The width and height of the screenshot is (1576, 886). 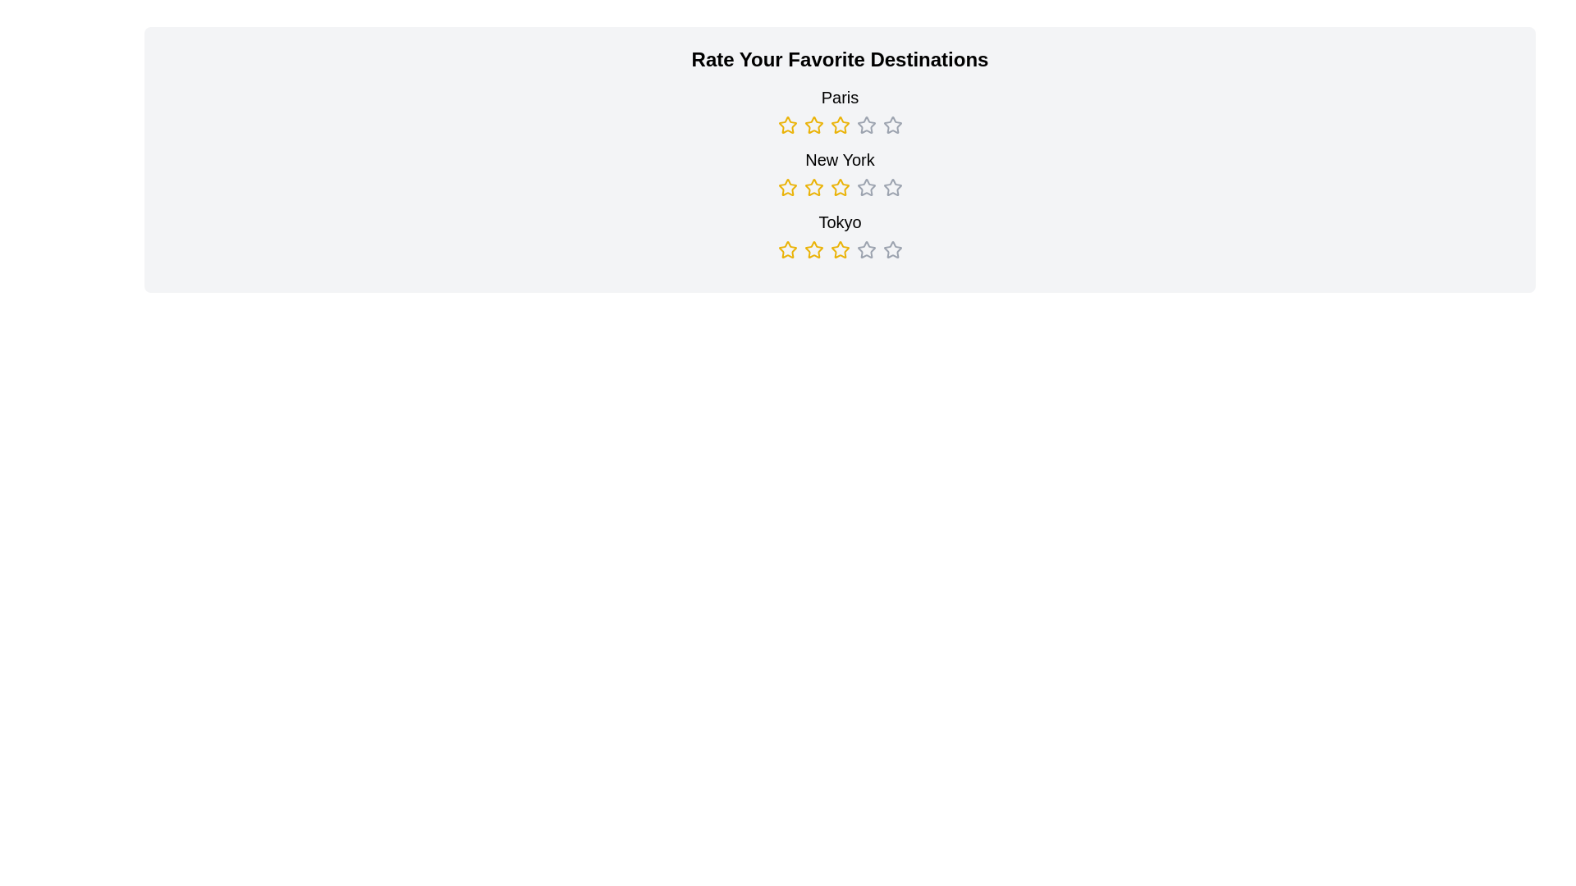 What do you see at coordinates (840, 160) in the screenshot?
I see `the static text label indicating 'New York', positioned under the 'Rate Your Favorite Destinations' heading, above the star rating system` at bounding box center [840, 160].